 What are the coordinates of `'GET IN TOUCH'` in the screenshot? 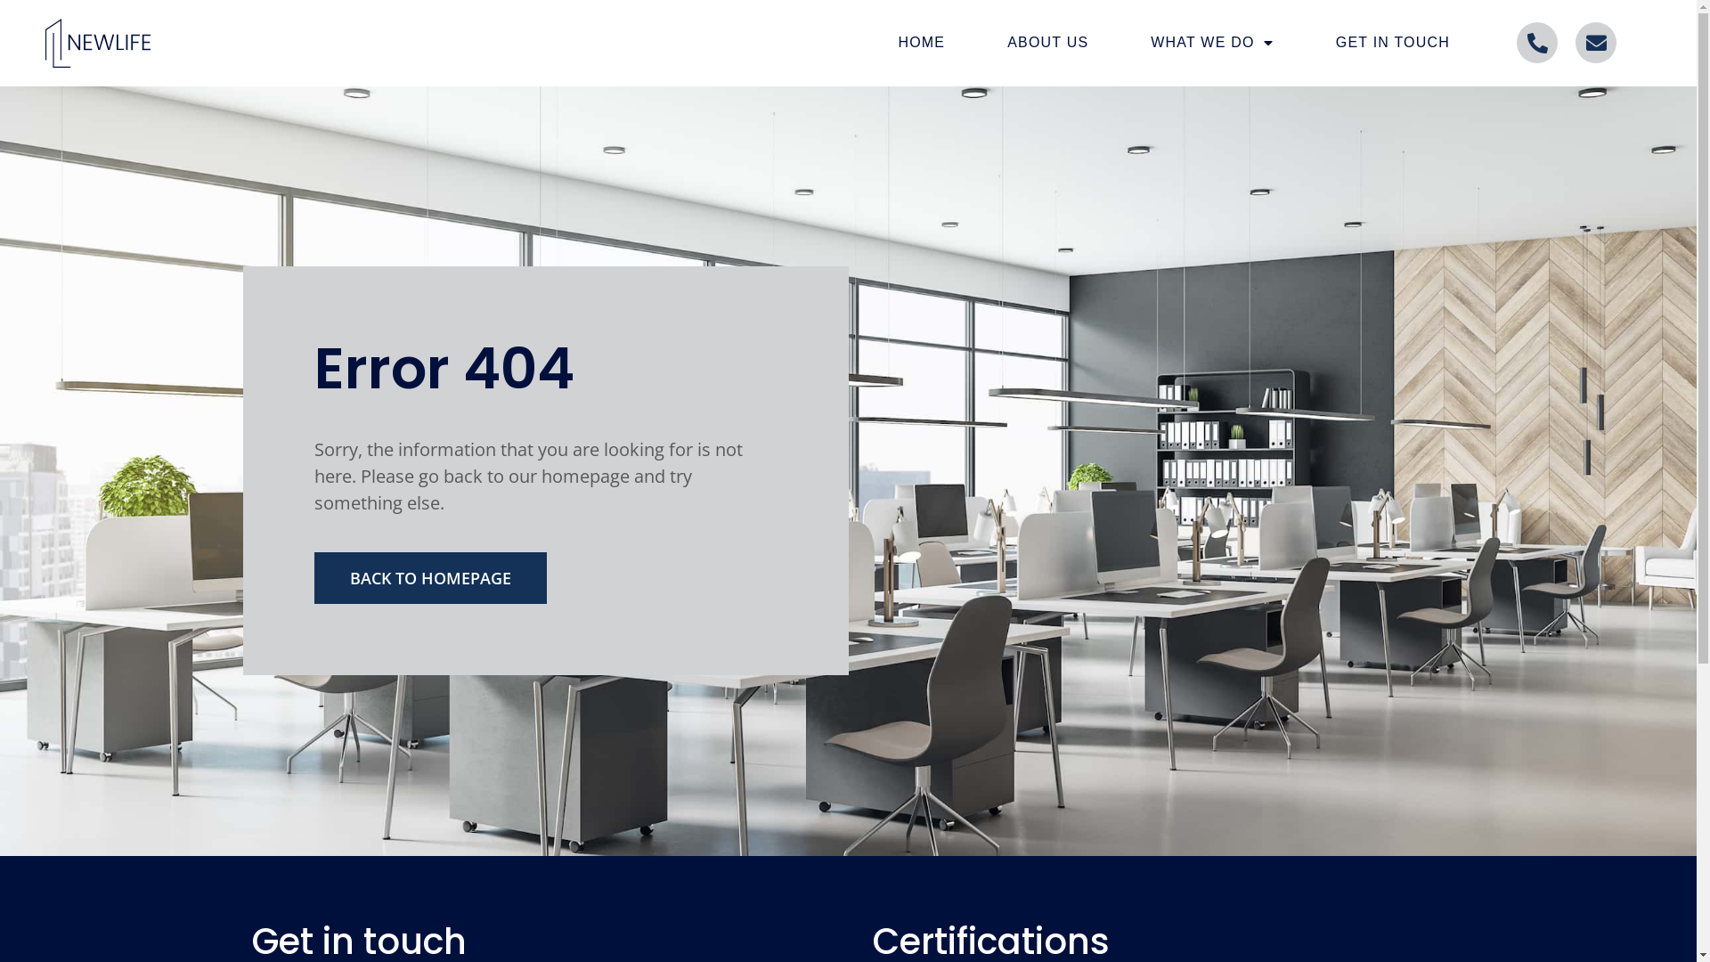 It's located at (1392, 41).